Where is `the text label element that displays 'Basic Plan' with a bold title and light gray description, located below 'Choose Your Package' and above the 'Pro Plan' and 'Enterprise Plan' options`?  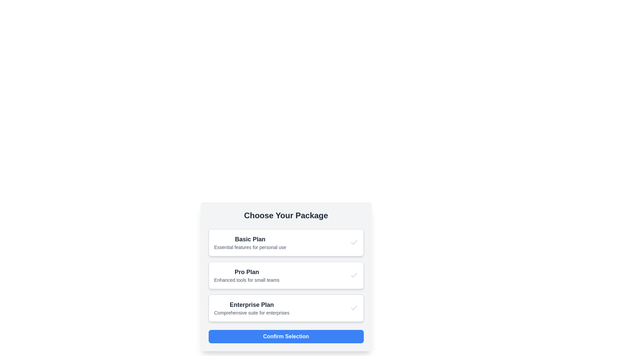 the text label element that displays 'Basic Plan' with a bold title and light gray description, located below 'Choose Your Package' and above the 'Pro Plan' and 'Enterprise Plan' options is located at coordinates (250, 242).